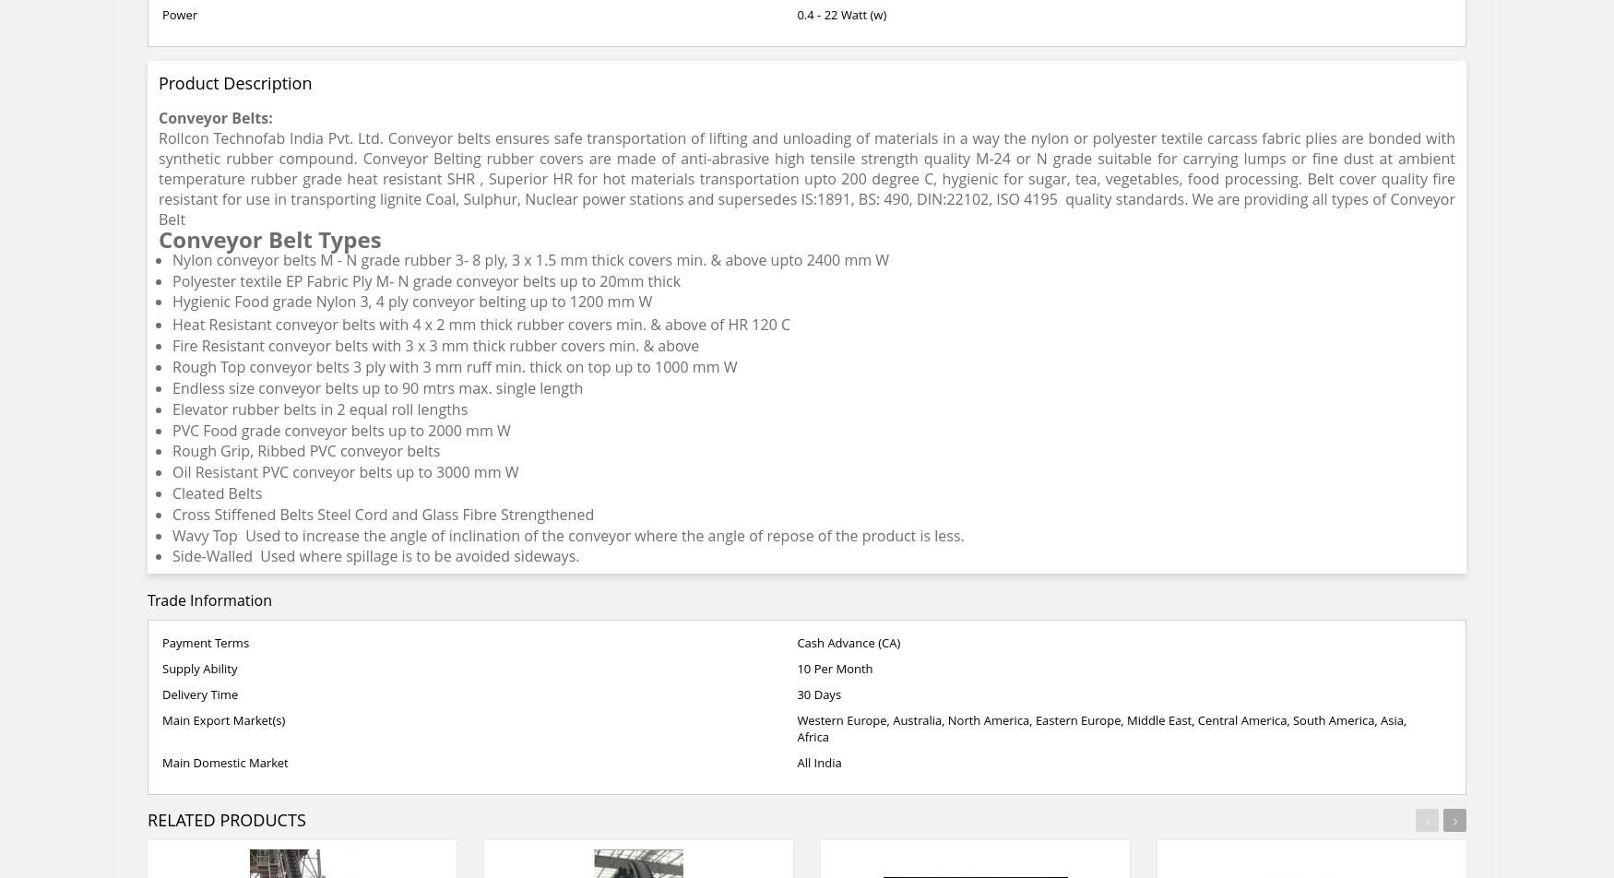 The width and height of the screenshot is (1614, 878). What do you see at coordinates (340, 430) in the screenshot?
I see `'PVC Food grade conveyor belts up to 2000 mm W'` at bounding box center [340, 430].